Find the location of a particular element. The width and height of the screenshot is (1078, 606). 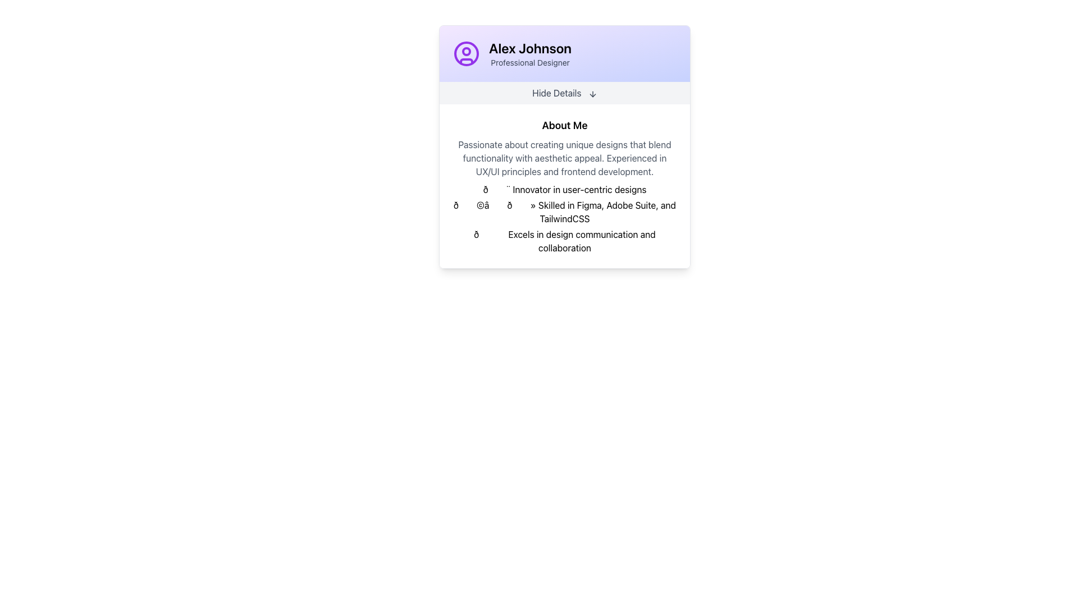

the text label that reads 'Innovator in user-centric designs.' which is the first line below the 'About Me' section title in the card is located at coordinates (565, 189).